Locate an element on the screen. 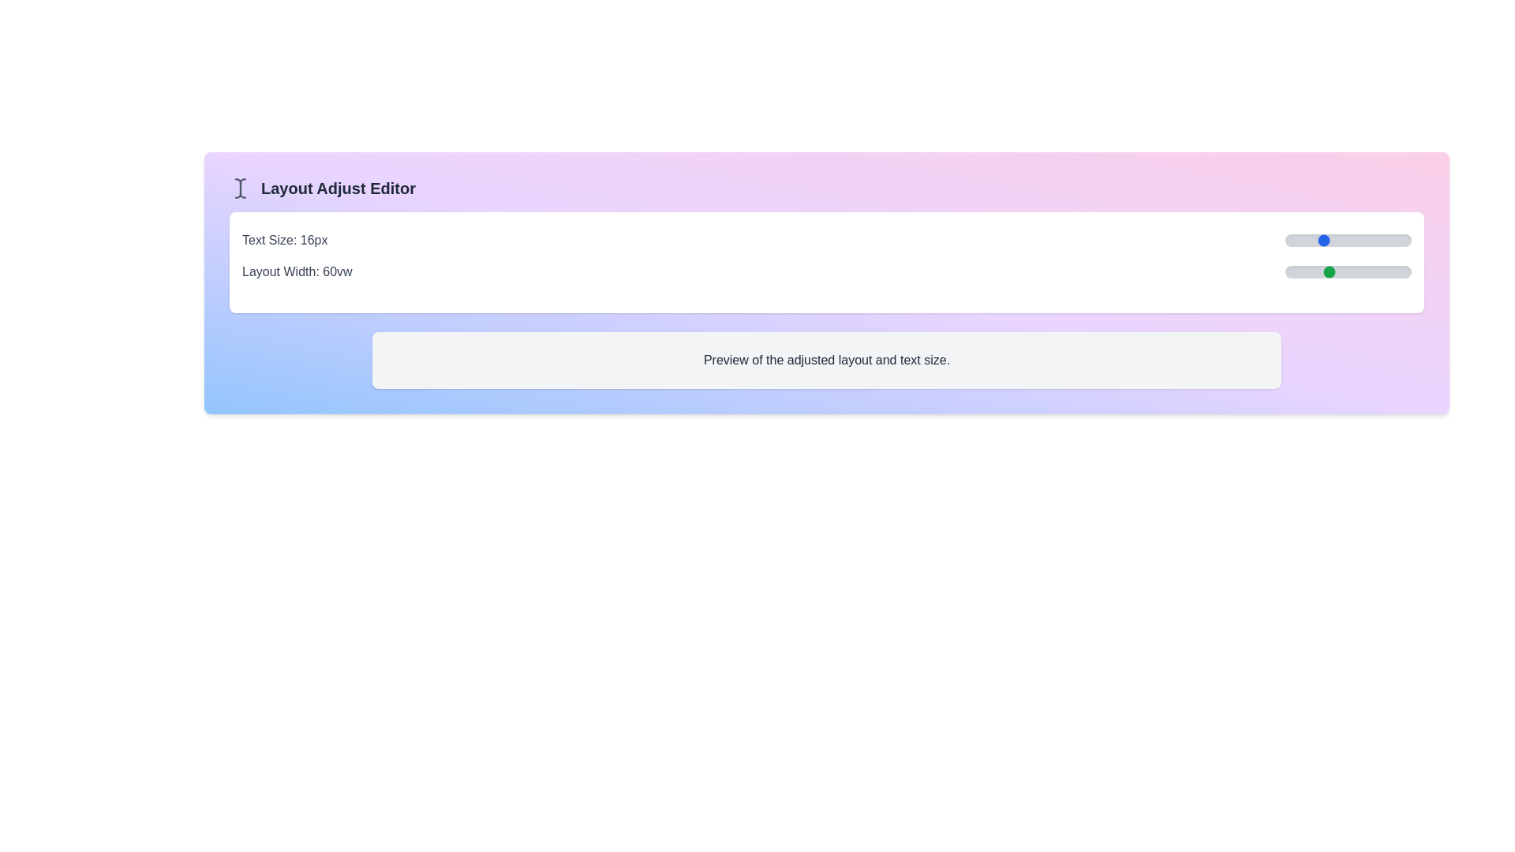  the text size is located at coordinates (1407, 240).